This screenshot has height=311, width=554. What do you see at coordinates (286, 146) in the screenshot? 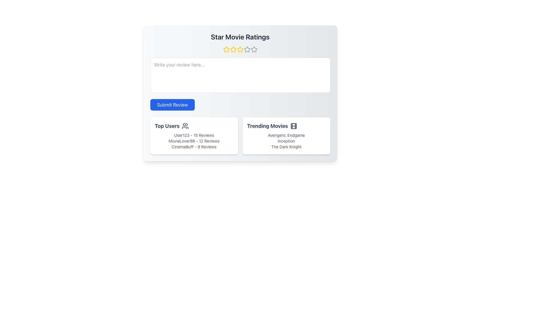
I see `the static text displaying the title 'The Dark Knight' in the 'Trending Movies' section, which is the bottom-most entry in the list` at bounding box center [286, 146].